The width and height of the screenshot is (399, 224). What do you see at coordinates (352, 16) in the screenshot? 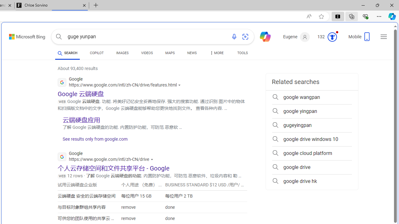
I see `'Collections'` at bounding box center [352, 16].